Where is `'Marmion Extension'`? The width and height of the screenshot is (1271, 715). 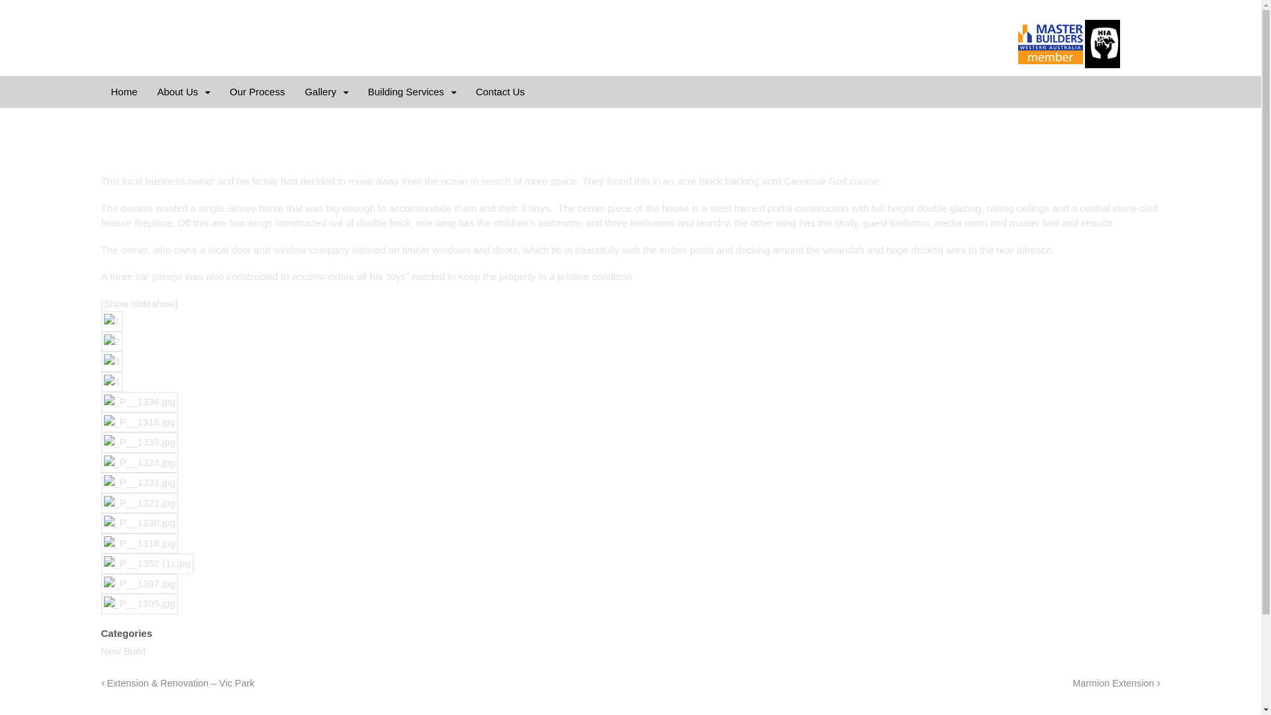 'Marmion Extension' is located at coordinates (1115, 683).